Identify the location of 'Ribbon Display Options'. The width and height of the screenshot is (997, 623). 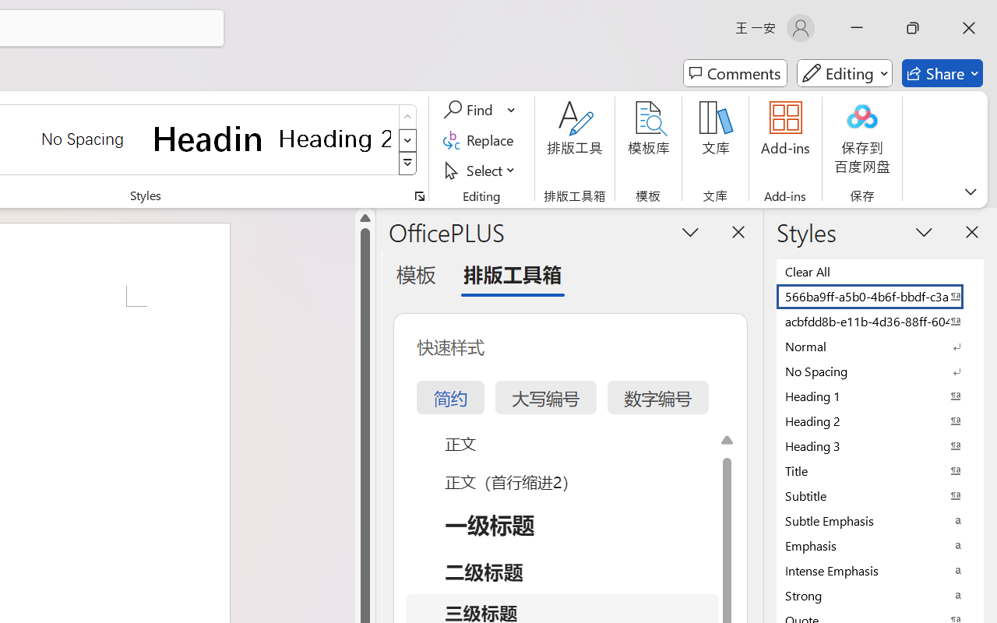
(970, 191).